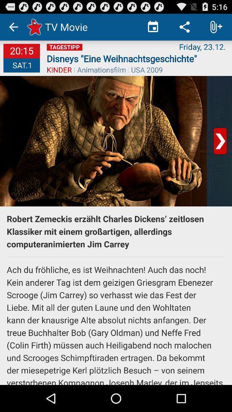  What do you see at coordinates (153, 27) in the screenshot?
I see `the app next to tv movie item` at bounding box center [153, 27].